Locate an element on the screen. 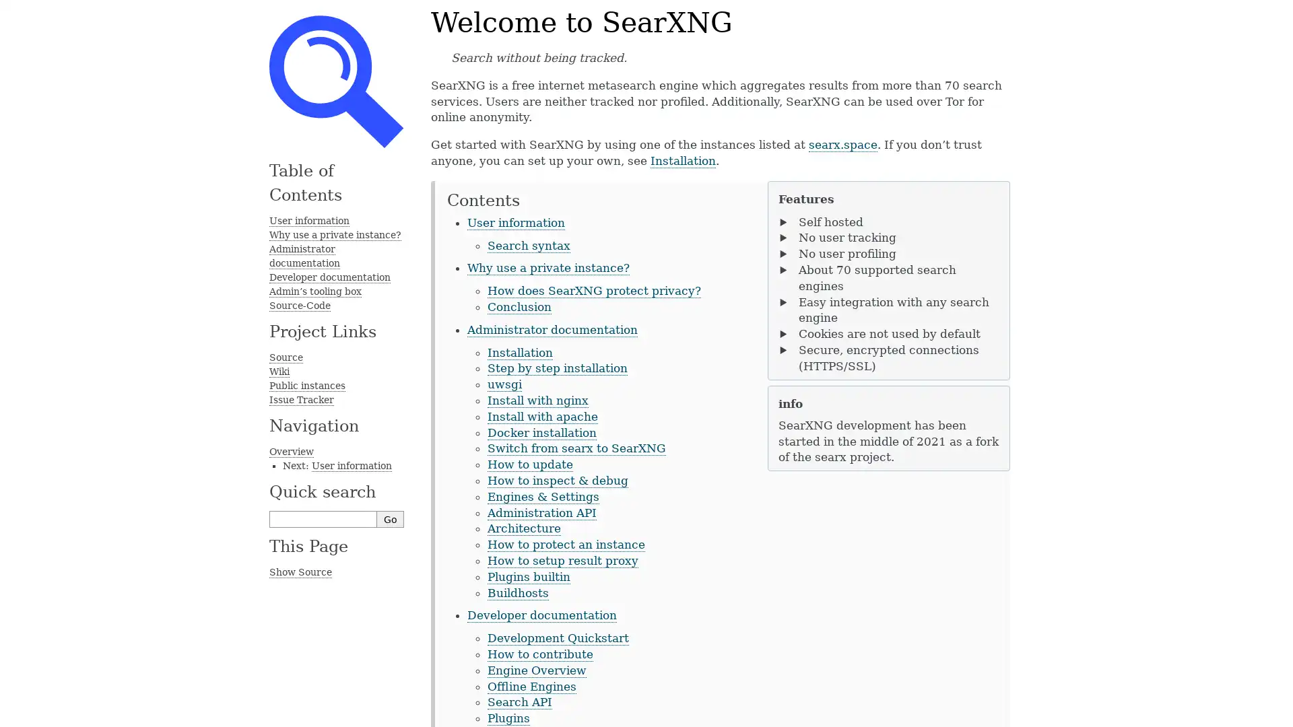 This screenshot has height=727, width=1293. Go is located at coordinates (390, 518).